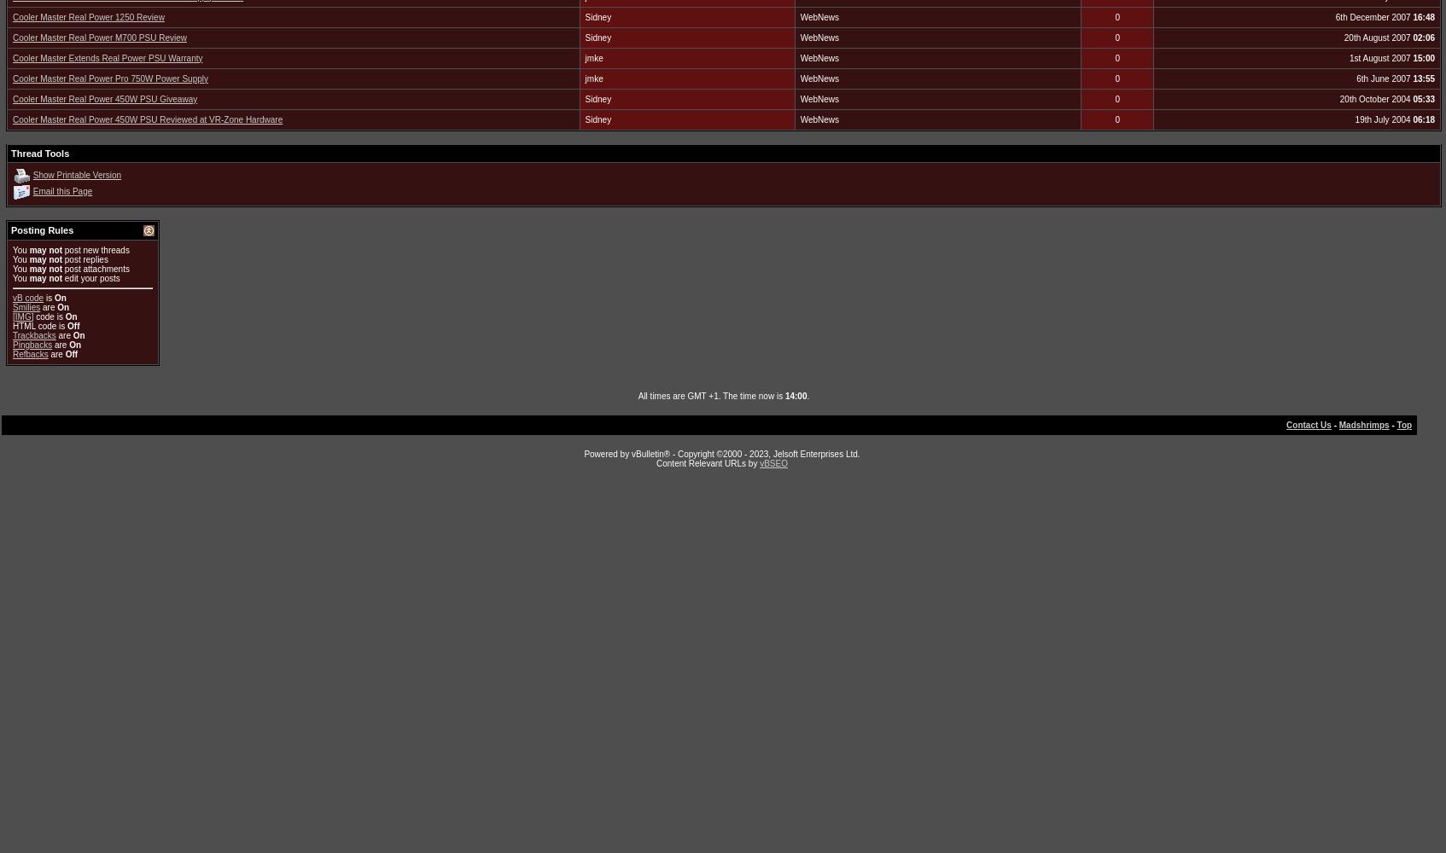  Describe the element at coordinates (637, 394) in the screenshot. I see `'All times are GMT +1. The time now is'` at that location.